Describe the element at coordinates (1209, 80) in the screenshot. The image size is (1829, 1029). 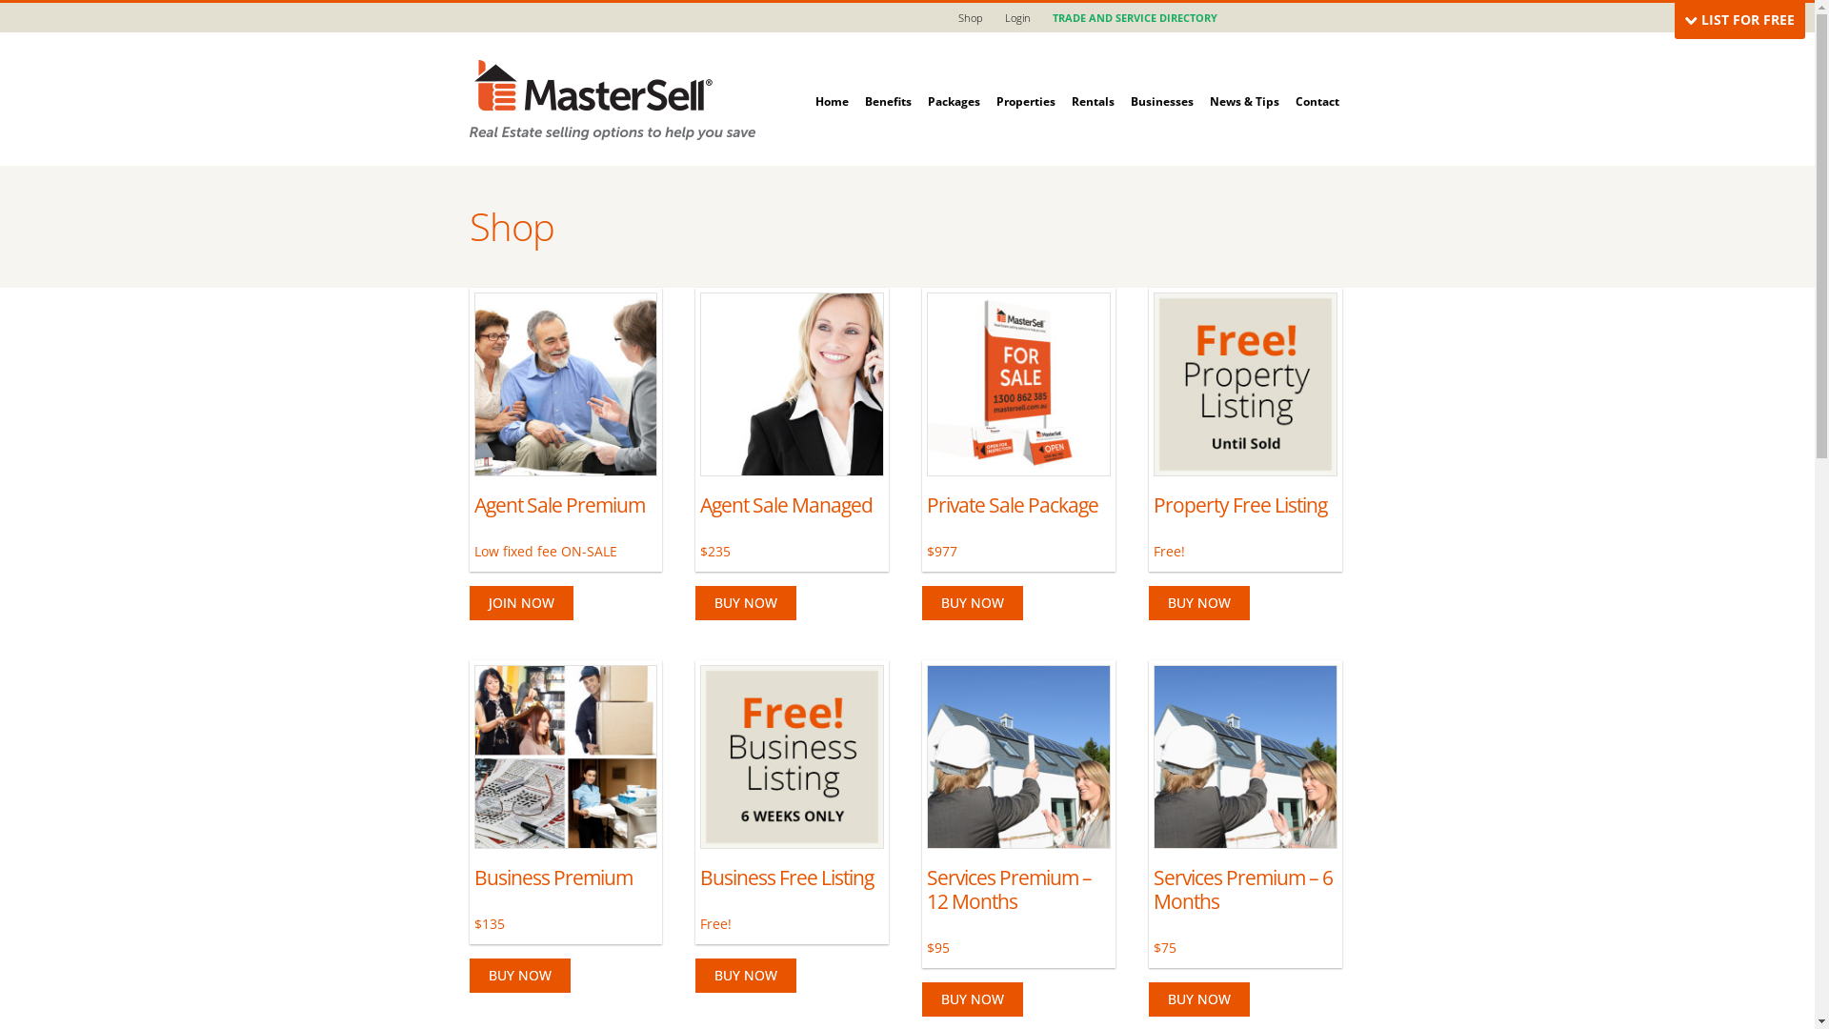
I see `'News & Tips'` at that location.